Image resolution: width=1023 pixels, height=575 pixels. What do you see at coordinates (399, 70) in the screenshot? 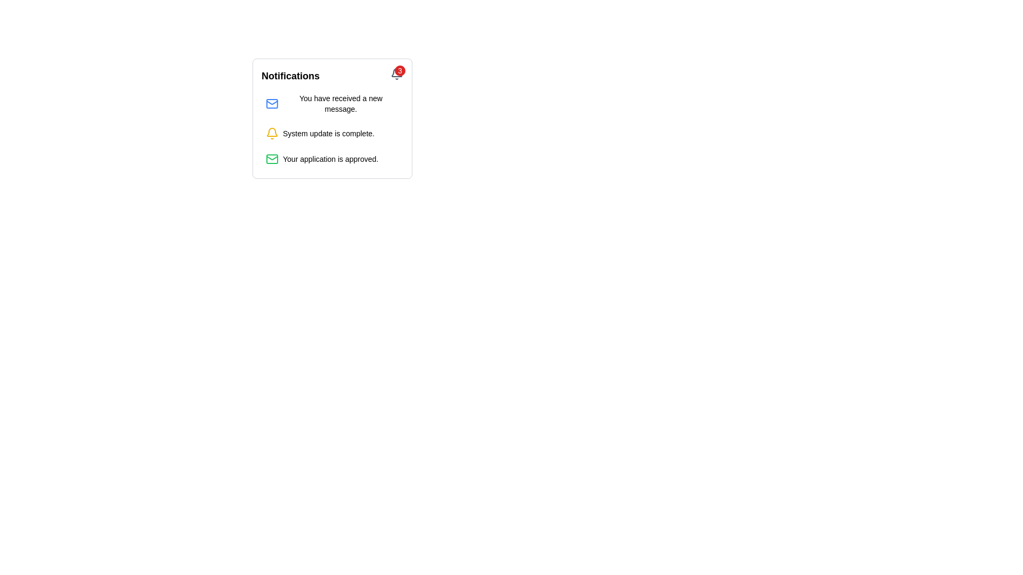
I see `the Notification Badge, a small circular badge with a red background and the number '3' displayed in white text, located at the top-right corner of the bell icon` at bounding box center [399, 70].